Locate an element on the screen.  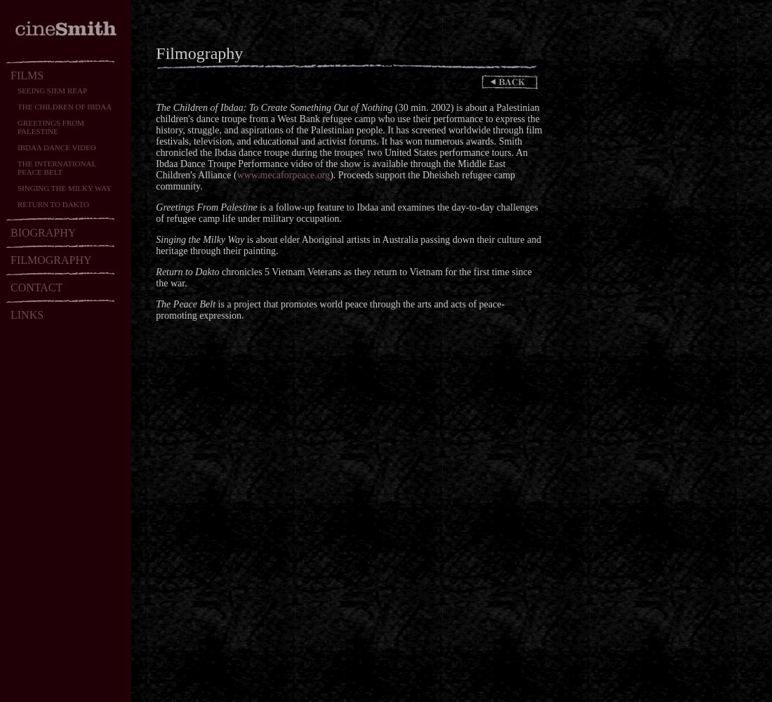
'Greetings From Palestine' is located at coordinates (206, 207).